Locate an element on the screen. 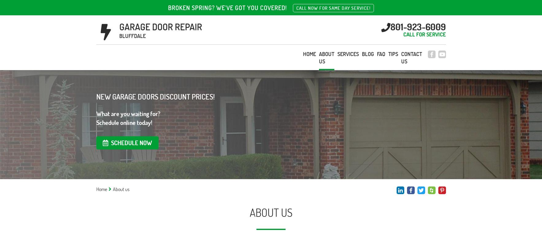 The image size is (542, 241). 'Broken spring? We've got you covered!' is located at coordinates (227, 7).